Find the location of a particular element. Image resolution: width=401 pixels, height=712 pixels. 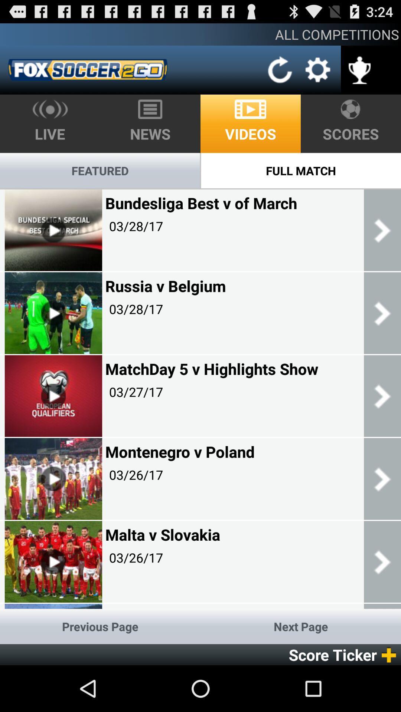

the first right scroll in the image is located at coordinates (382, 230).